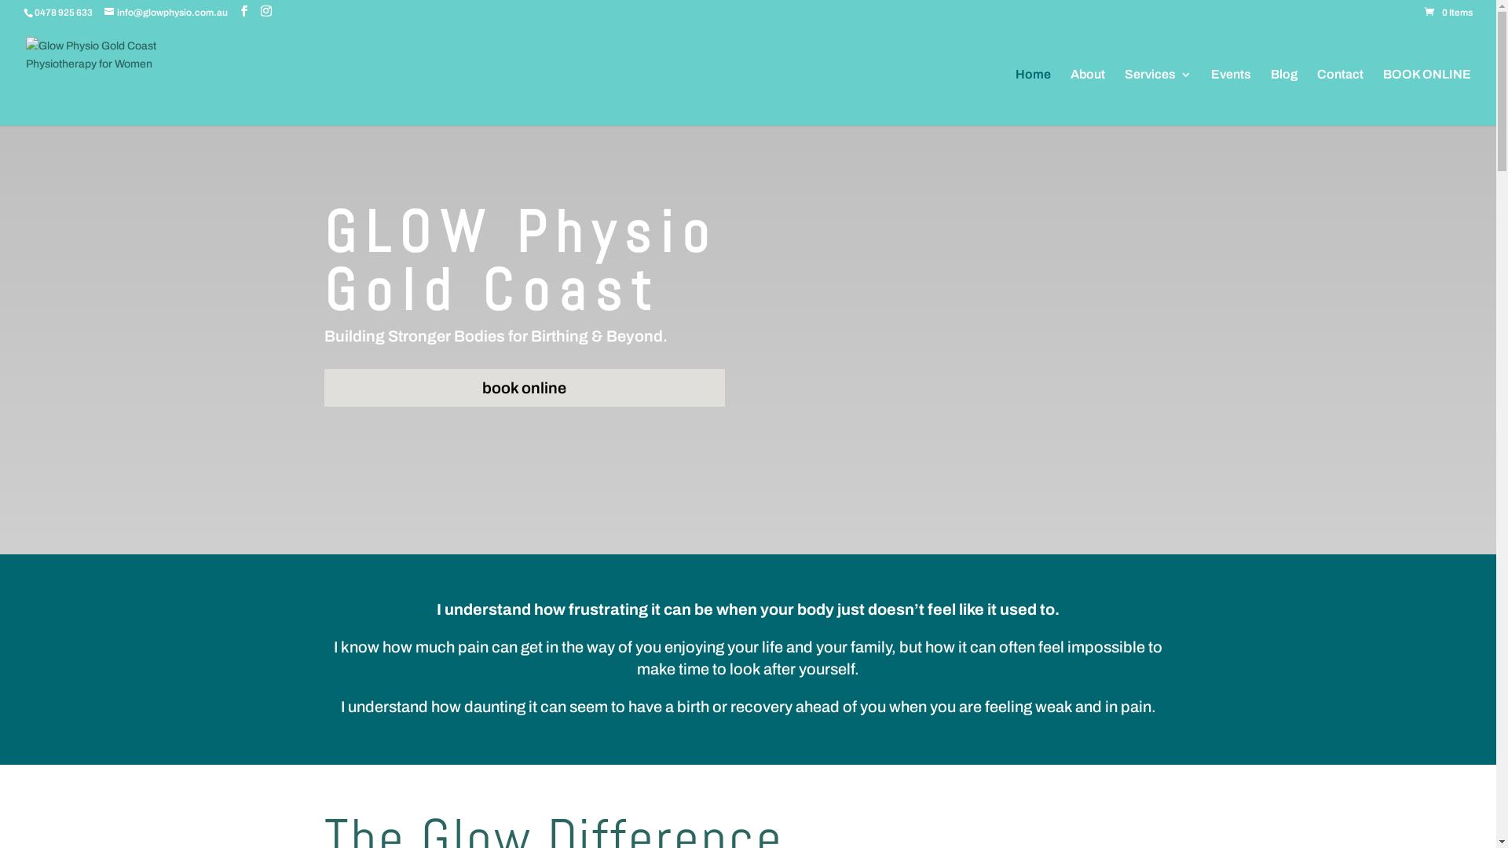  I want to click on 'info@glowphysio.com.au', so click(104, 12).